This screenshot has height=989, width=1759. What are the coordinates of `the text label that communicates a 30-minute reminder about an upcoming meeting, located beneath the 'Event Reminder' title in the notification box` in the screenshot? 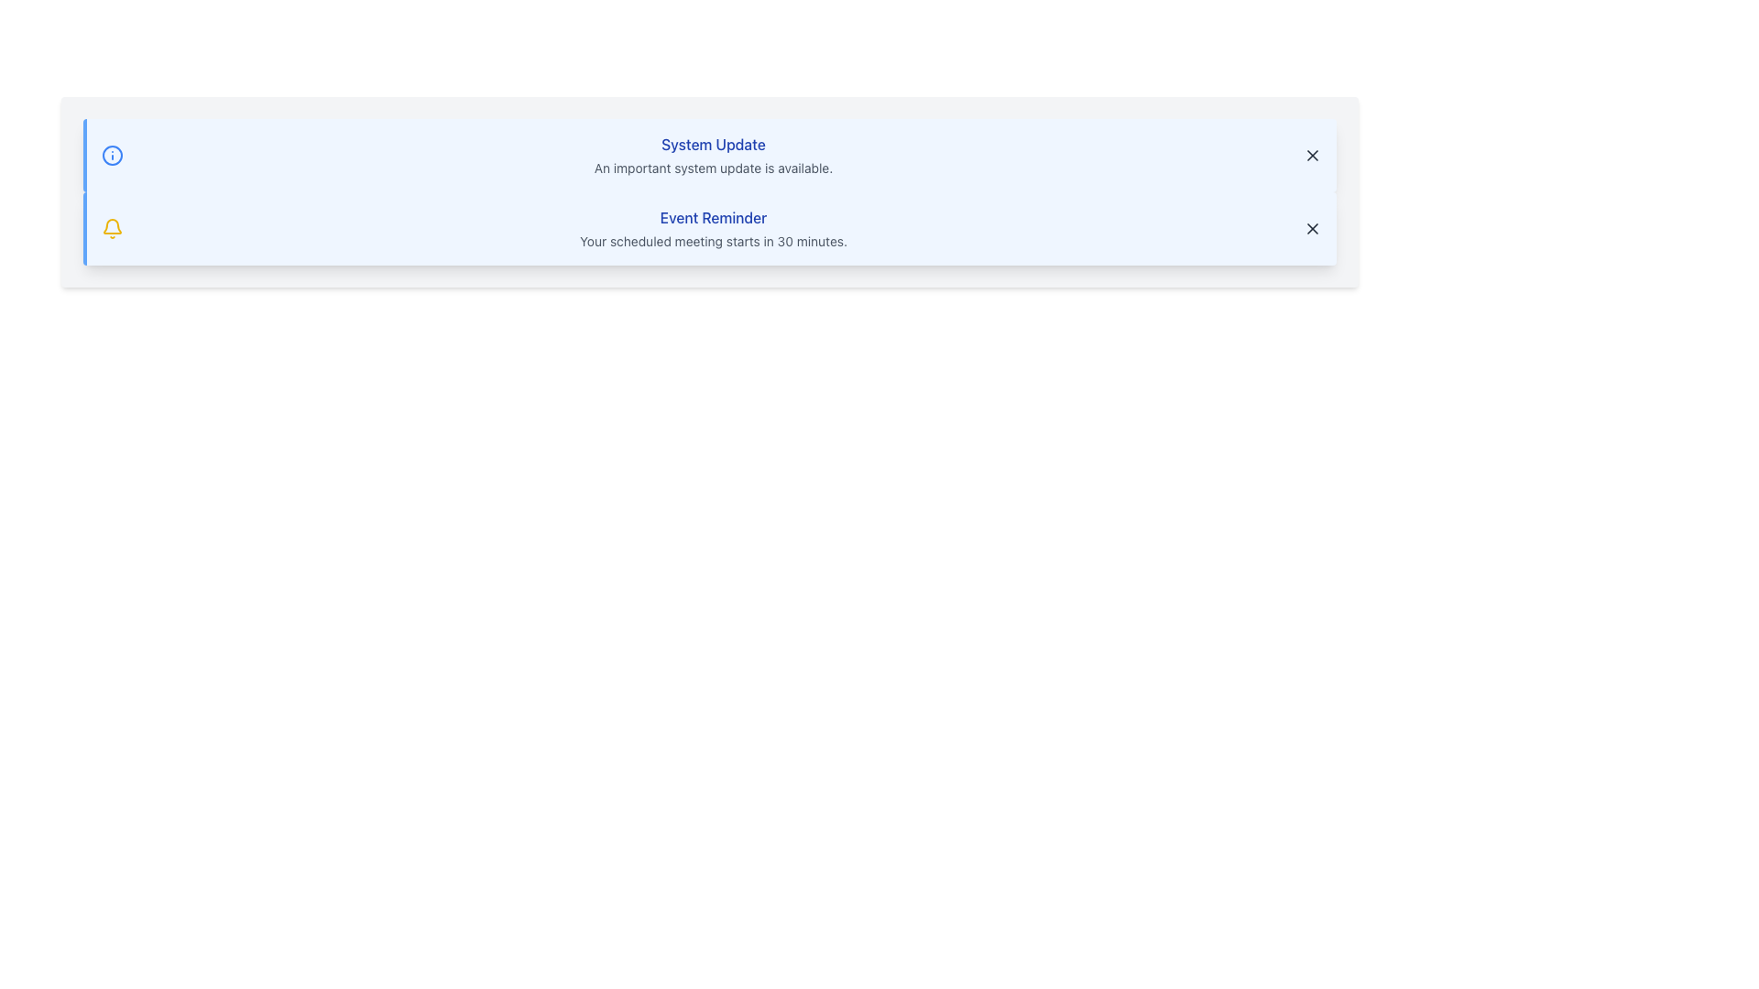 It's located at (712, 240).